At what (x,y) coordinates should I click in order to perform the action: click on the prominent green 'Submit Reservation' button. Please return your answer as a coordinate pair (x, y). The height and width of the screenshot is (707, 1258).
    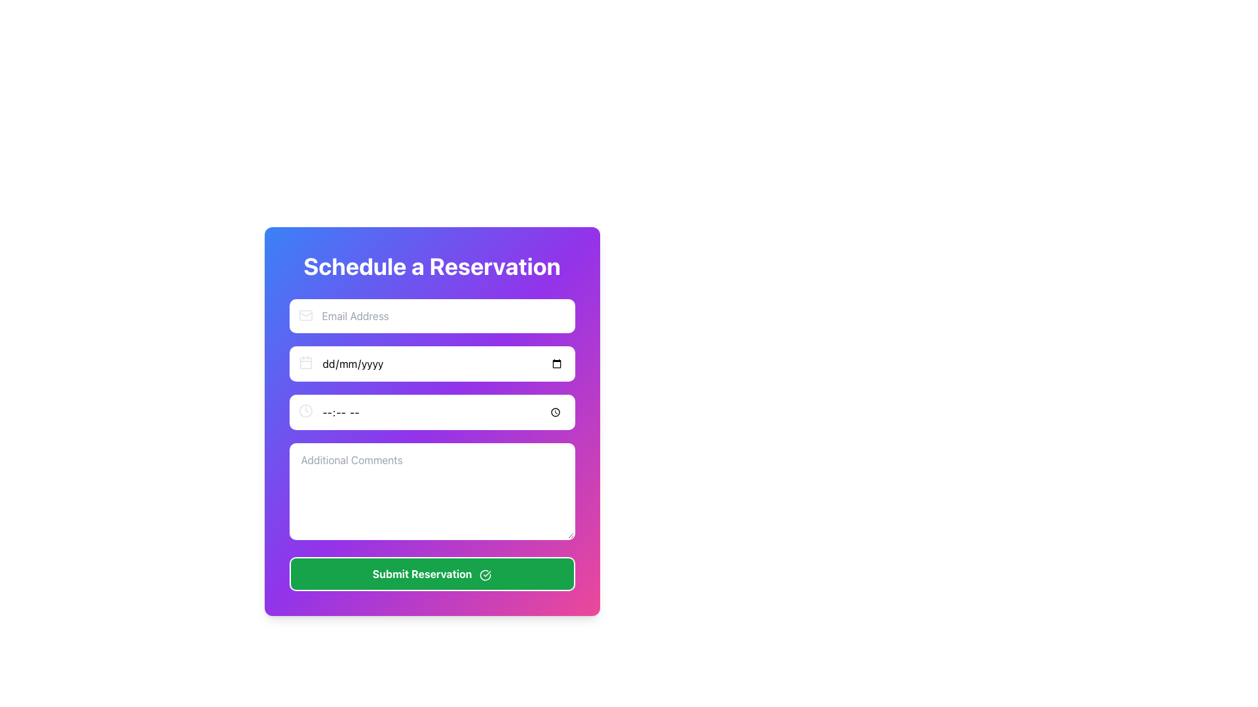
    Looking at the image, I should click on (432, 573).